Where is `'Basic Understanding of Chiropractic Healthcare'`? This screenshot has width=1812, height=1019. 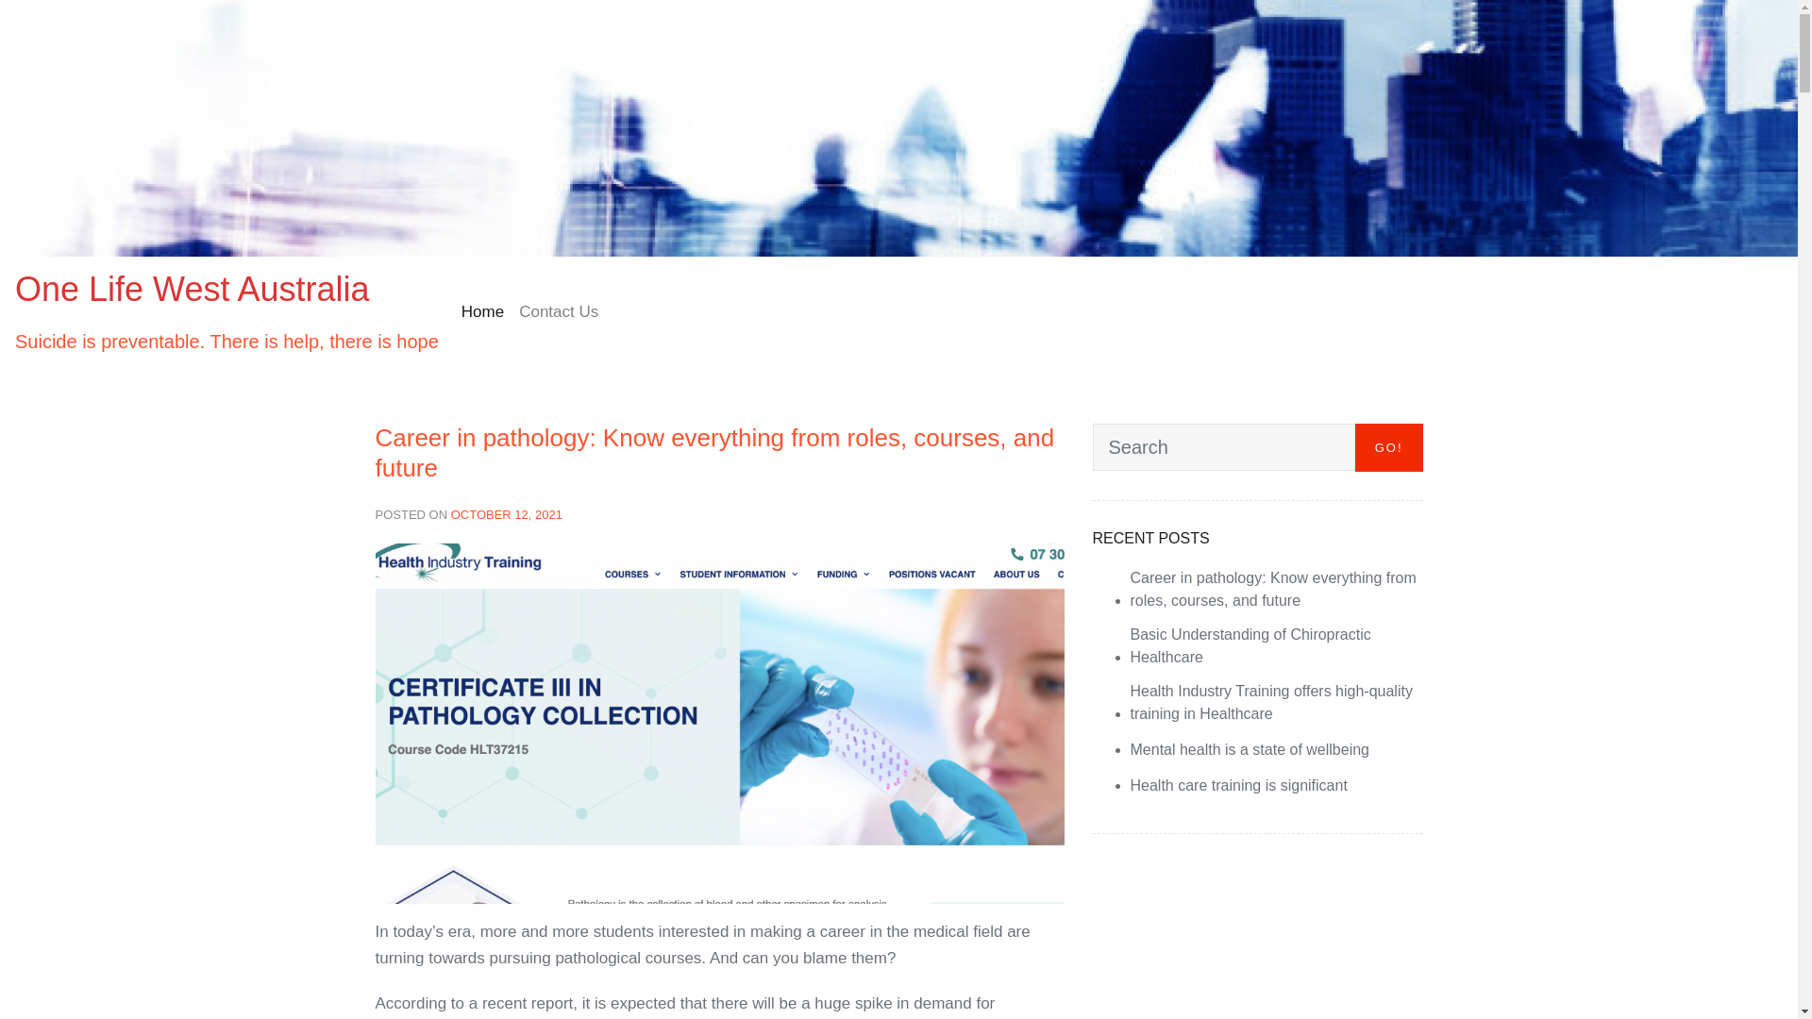 'Basic Understanding of Chiropractic Healthcare' is located at coordinates (1277, 645).